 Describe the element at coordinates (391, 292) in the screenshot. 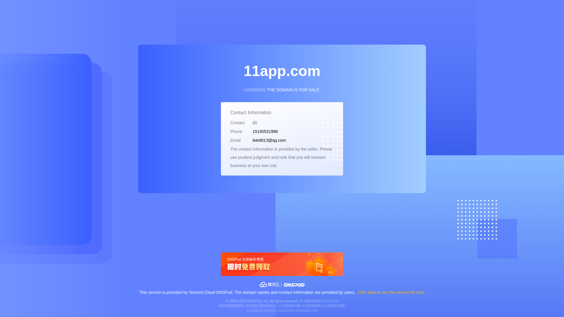

I see `'Click here to use the service for free.'` at that location.